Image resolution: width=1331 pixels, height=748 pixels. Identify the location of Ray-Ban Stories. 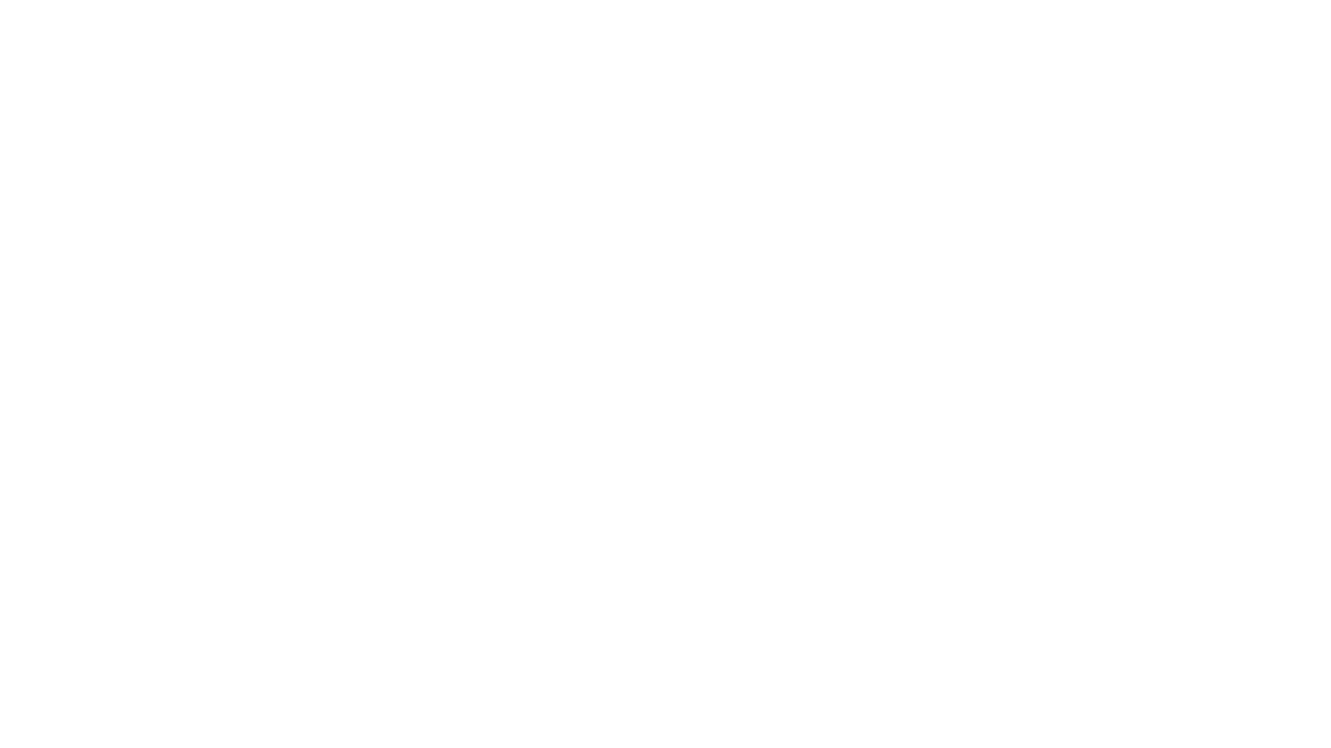
(749, 49).